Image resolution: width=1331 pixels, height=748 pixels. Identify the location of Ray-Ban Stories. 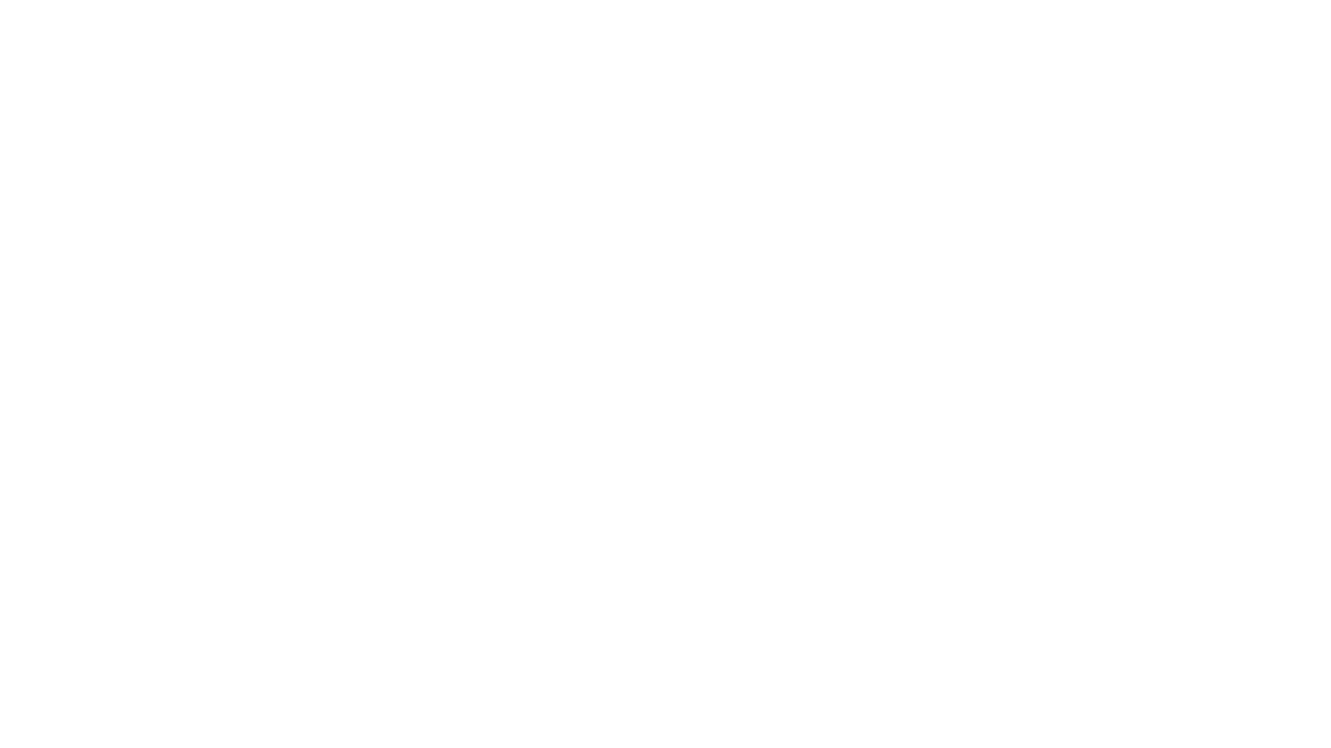
(749, 49).